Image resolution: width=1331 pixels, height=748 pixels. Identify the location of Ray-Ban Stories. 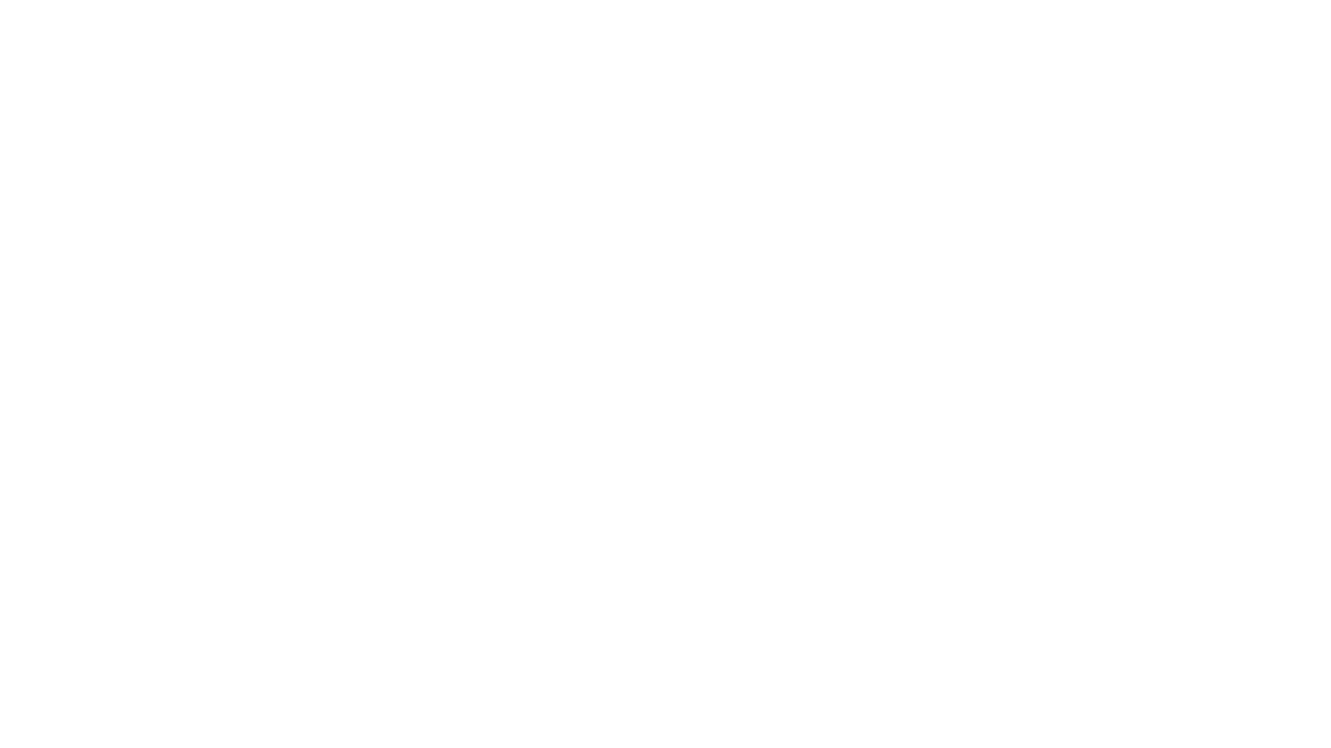
(749, 49).